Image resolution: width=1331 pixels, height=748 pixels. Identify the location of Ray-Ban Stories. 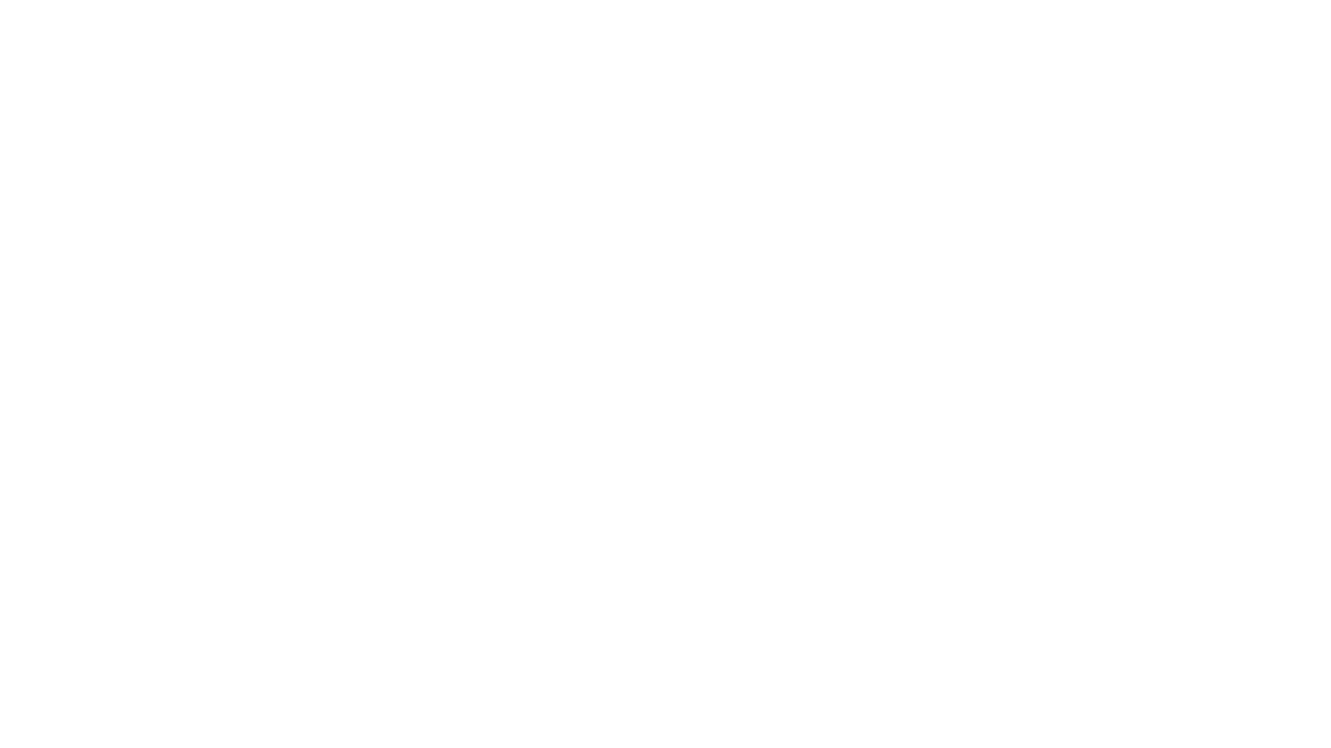
(749, 49).